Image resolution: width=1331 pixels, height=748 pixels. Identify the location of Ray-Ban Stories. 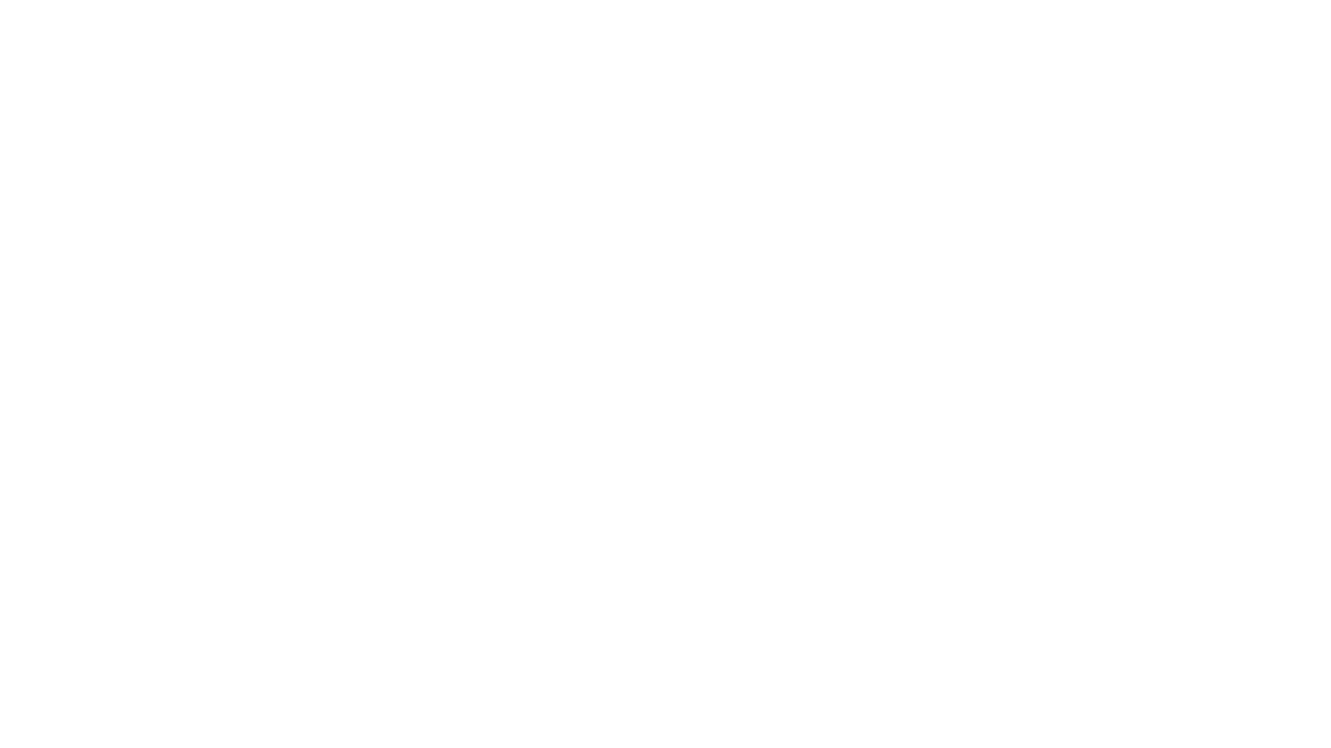
(749, 49).